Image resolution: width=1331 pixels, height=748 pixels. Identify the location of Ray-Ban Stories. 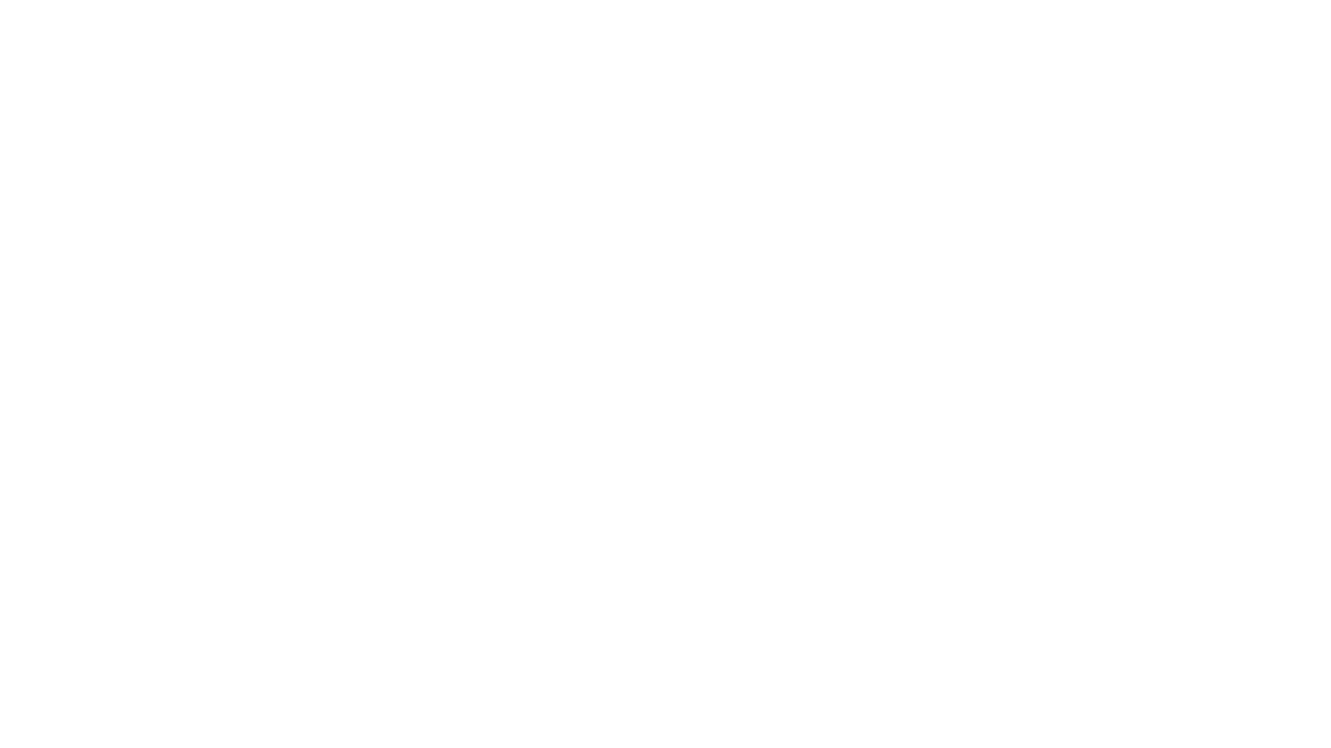
(749, 49).